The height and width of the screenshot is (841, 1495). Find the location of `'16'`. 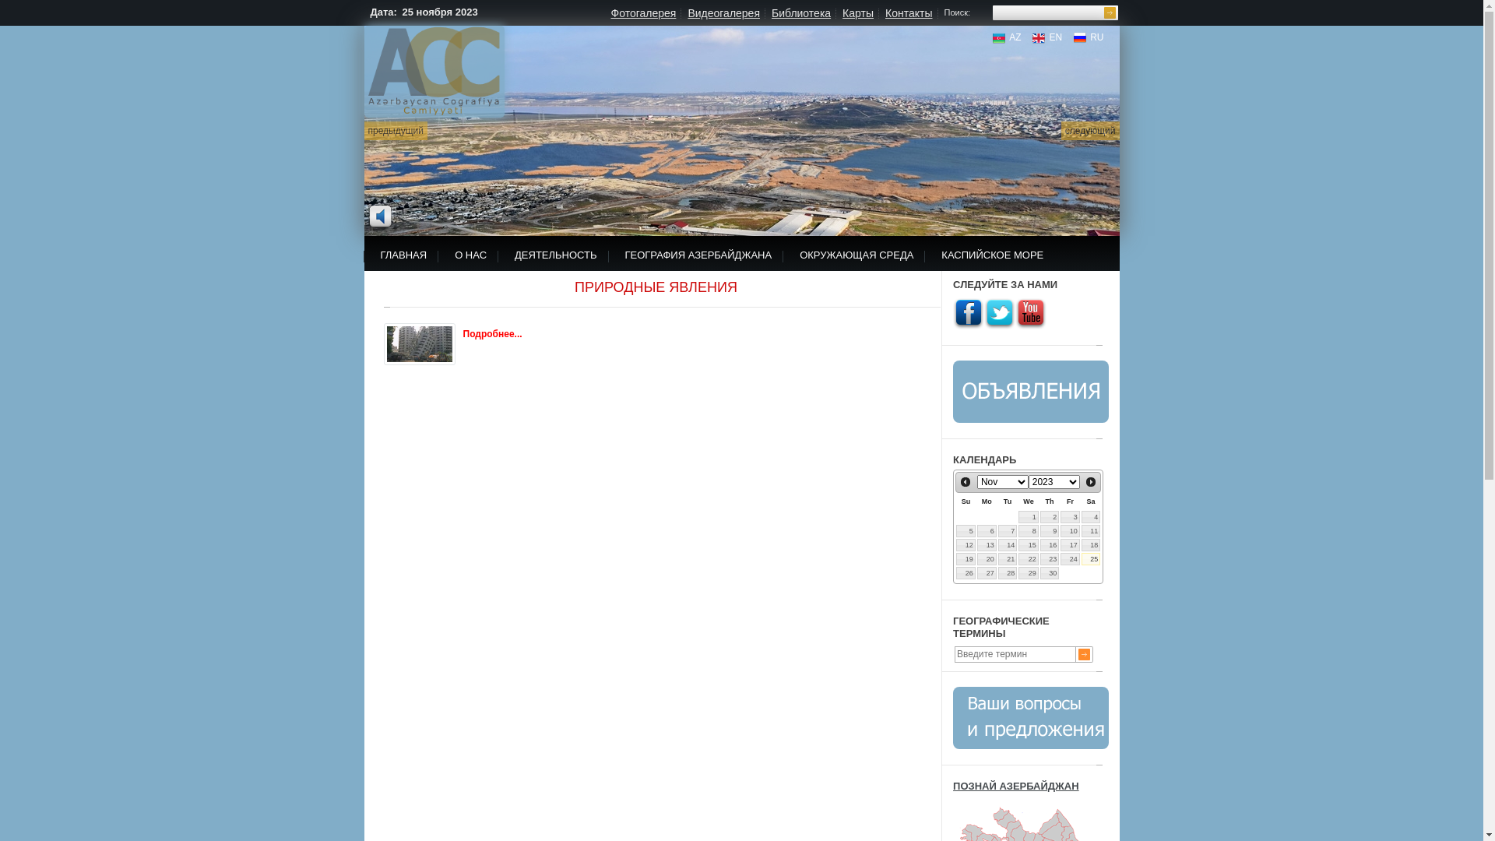

'16' is located at coordinates (1050, 544).